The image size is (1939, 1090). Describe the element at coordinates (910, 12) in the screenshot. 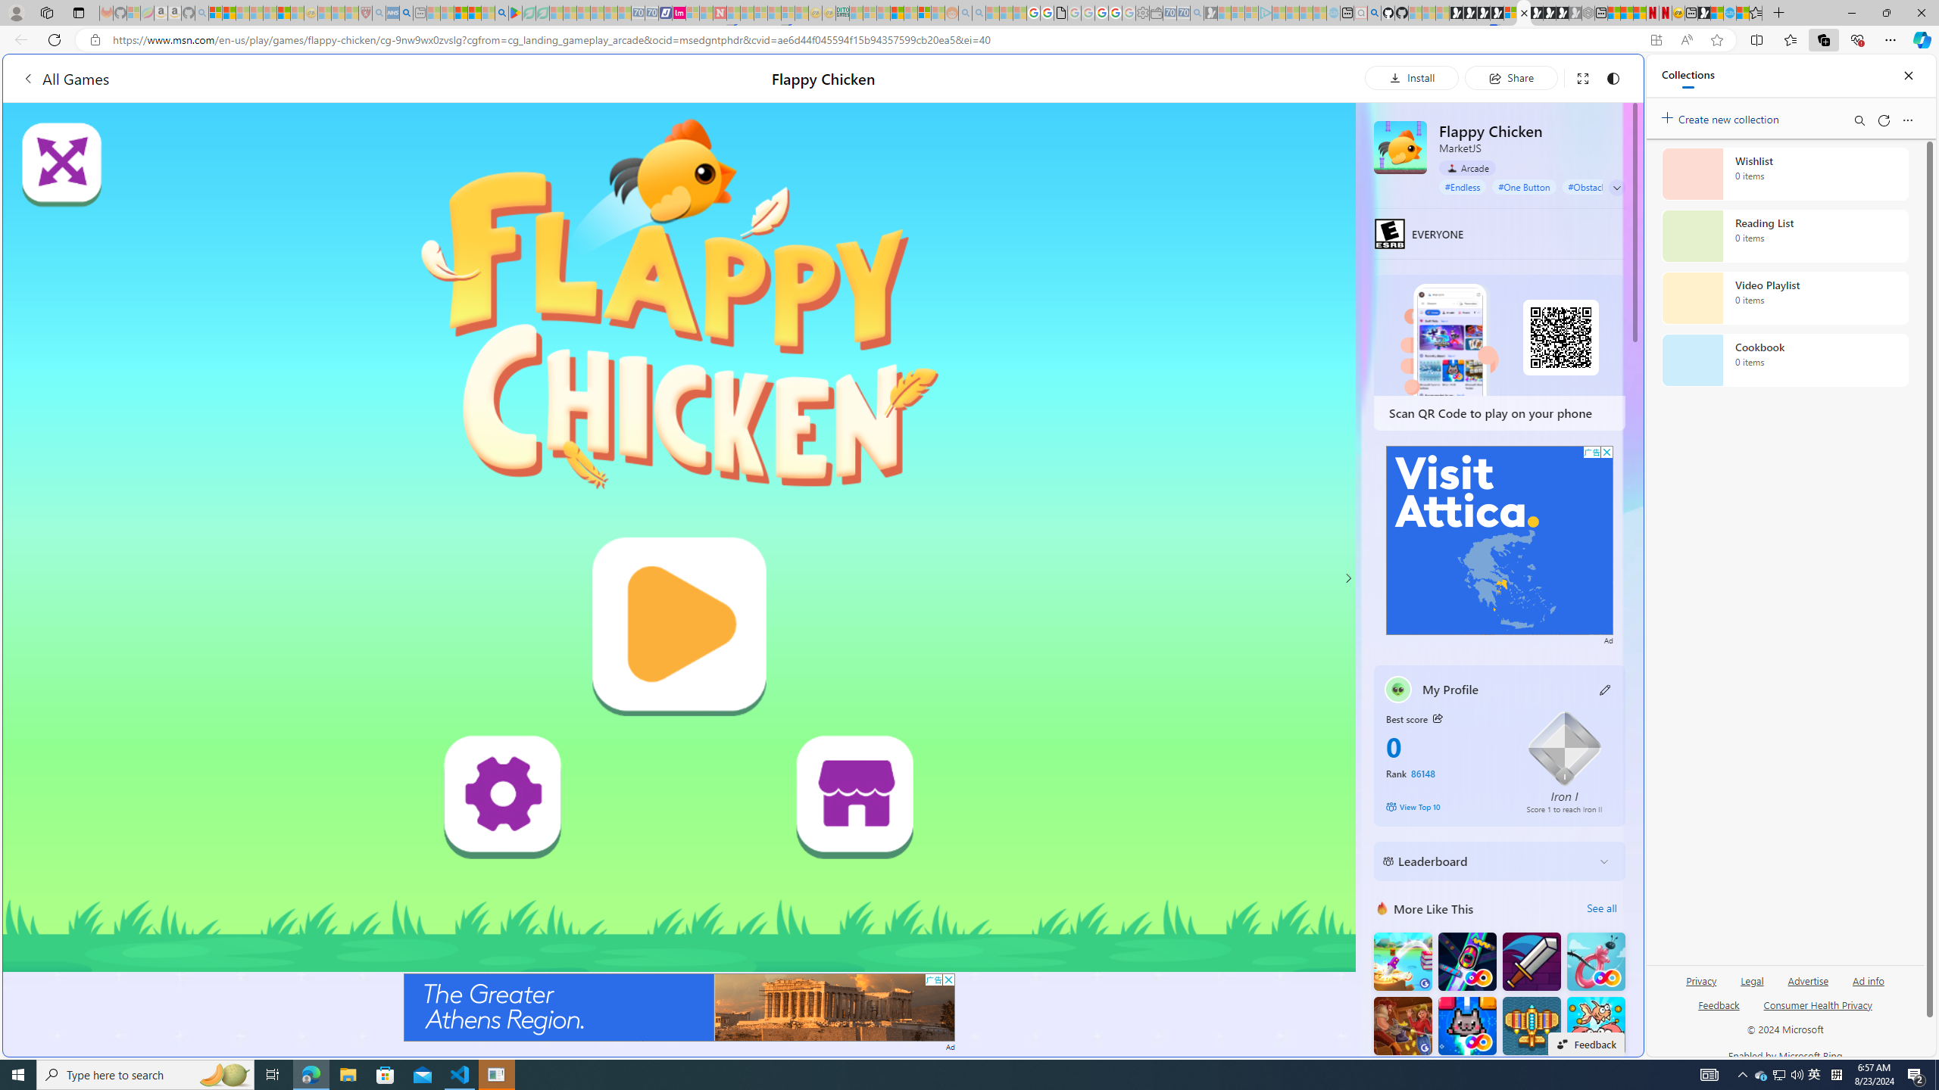

I see `'Kinda Frugal - MSN - Sleeping'` at that location.